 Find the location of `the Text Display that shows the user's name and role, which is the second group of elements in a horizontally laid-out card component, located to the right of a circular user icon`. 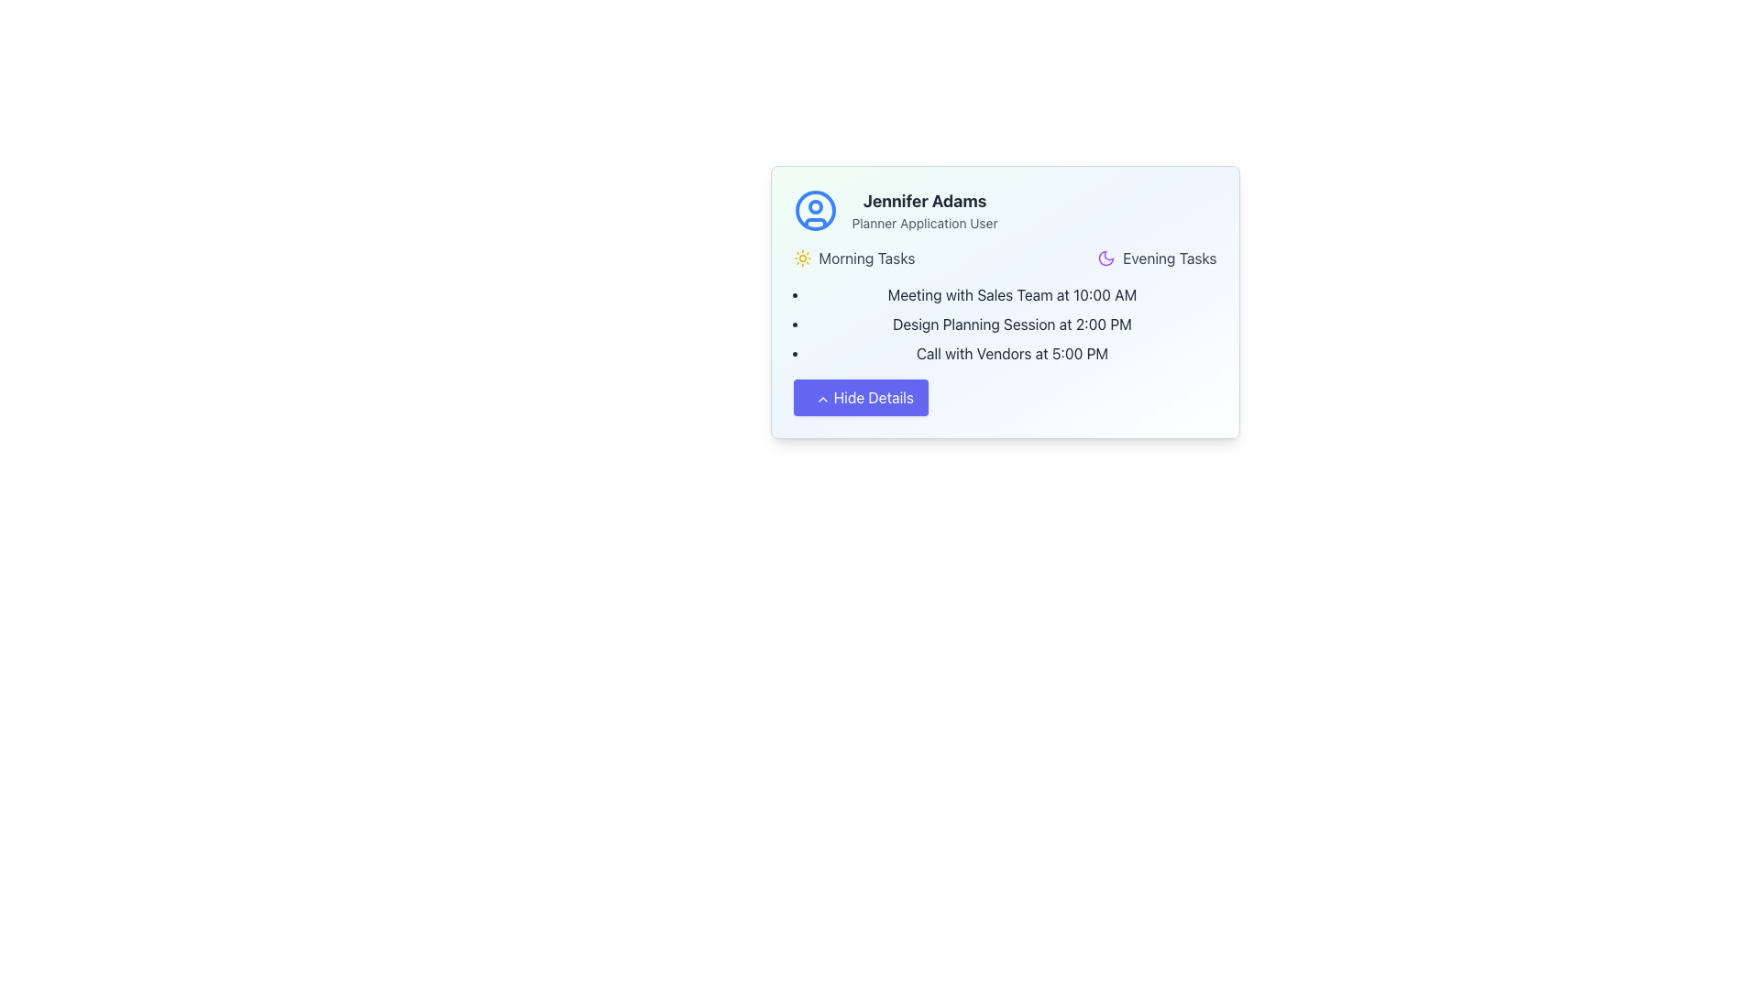

the Text Display that shows the user's name and role, which is the second group of elements in a horizontally laid-out card component, located to the right of a circular user icon is located at coordinates (925, 210).